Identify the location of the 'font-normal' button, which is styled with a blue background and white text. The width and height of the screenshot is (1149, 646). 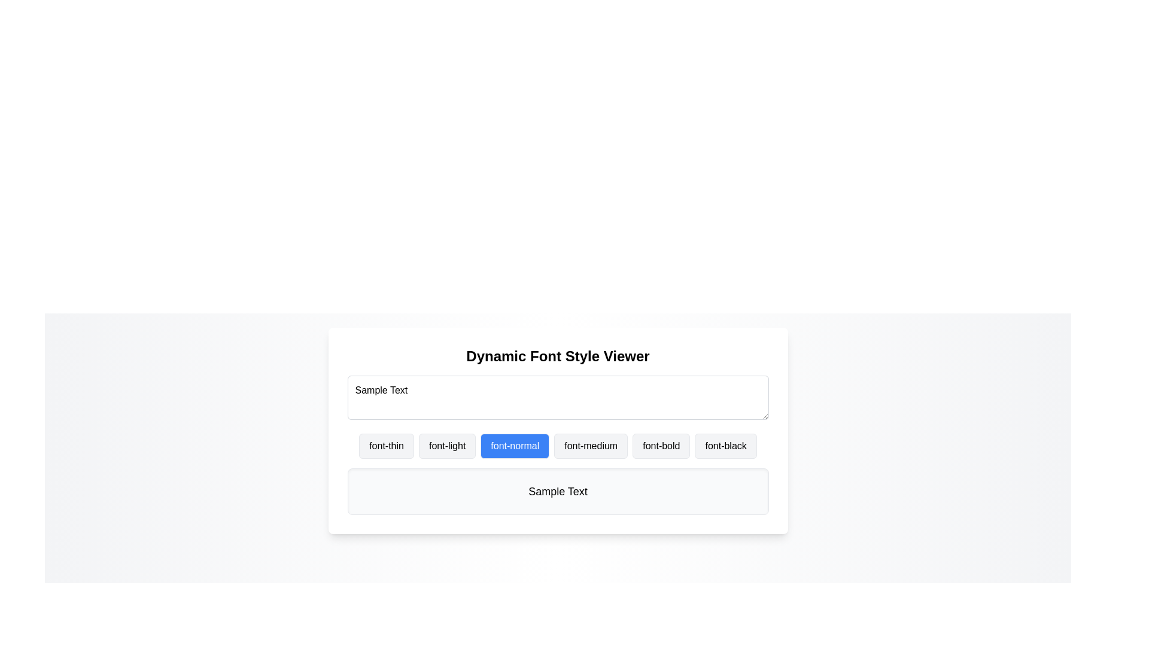
(557, 431).